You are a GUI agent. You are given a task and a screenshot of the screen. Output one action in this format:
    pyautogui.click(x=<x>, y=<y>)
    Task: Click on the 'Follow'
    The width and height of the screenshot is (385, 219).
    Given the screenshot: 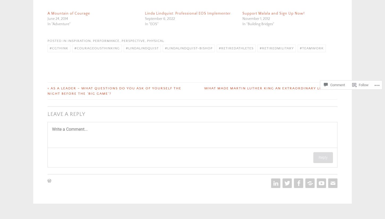 What is the action you would take?
    pyautogui.click(x=358, y=85)
    